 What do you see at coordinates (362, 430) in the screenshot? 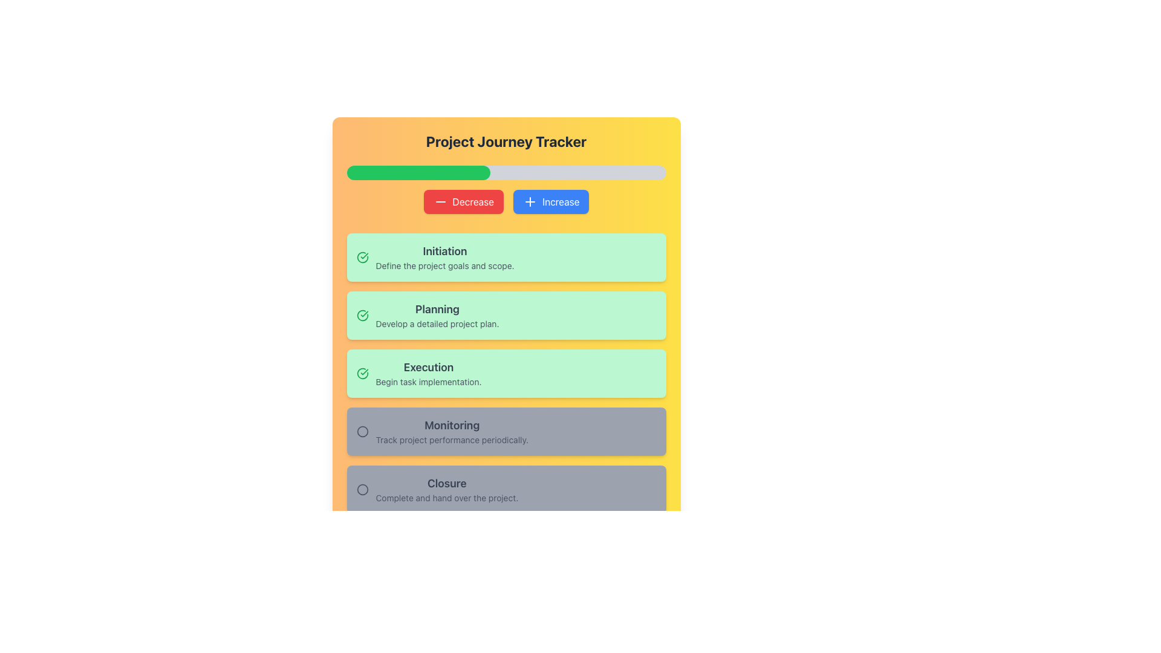
I see `the circular status indicator located in the 'Monitoring' section of the interface, which is positioned within a gray box and appears to the left of the text` at bounding box center [362, 430].